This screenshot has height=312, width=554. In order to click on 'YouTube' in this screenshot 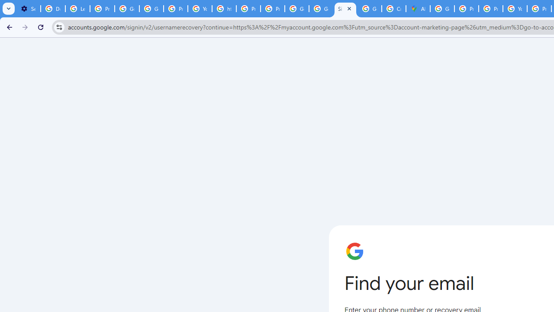, I will do `click(200, 9)`.